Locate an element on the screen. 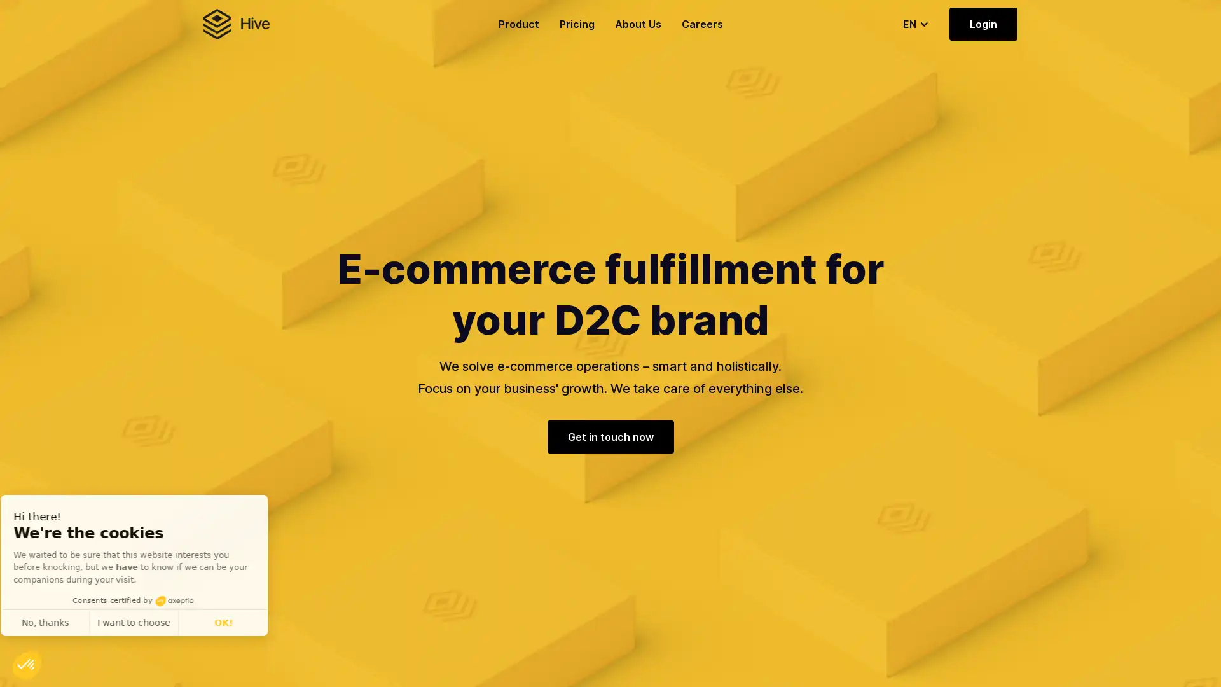 The image size is (1221, 687). OK! is located at coordinates (235, 622).